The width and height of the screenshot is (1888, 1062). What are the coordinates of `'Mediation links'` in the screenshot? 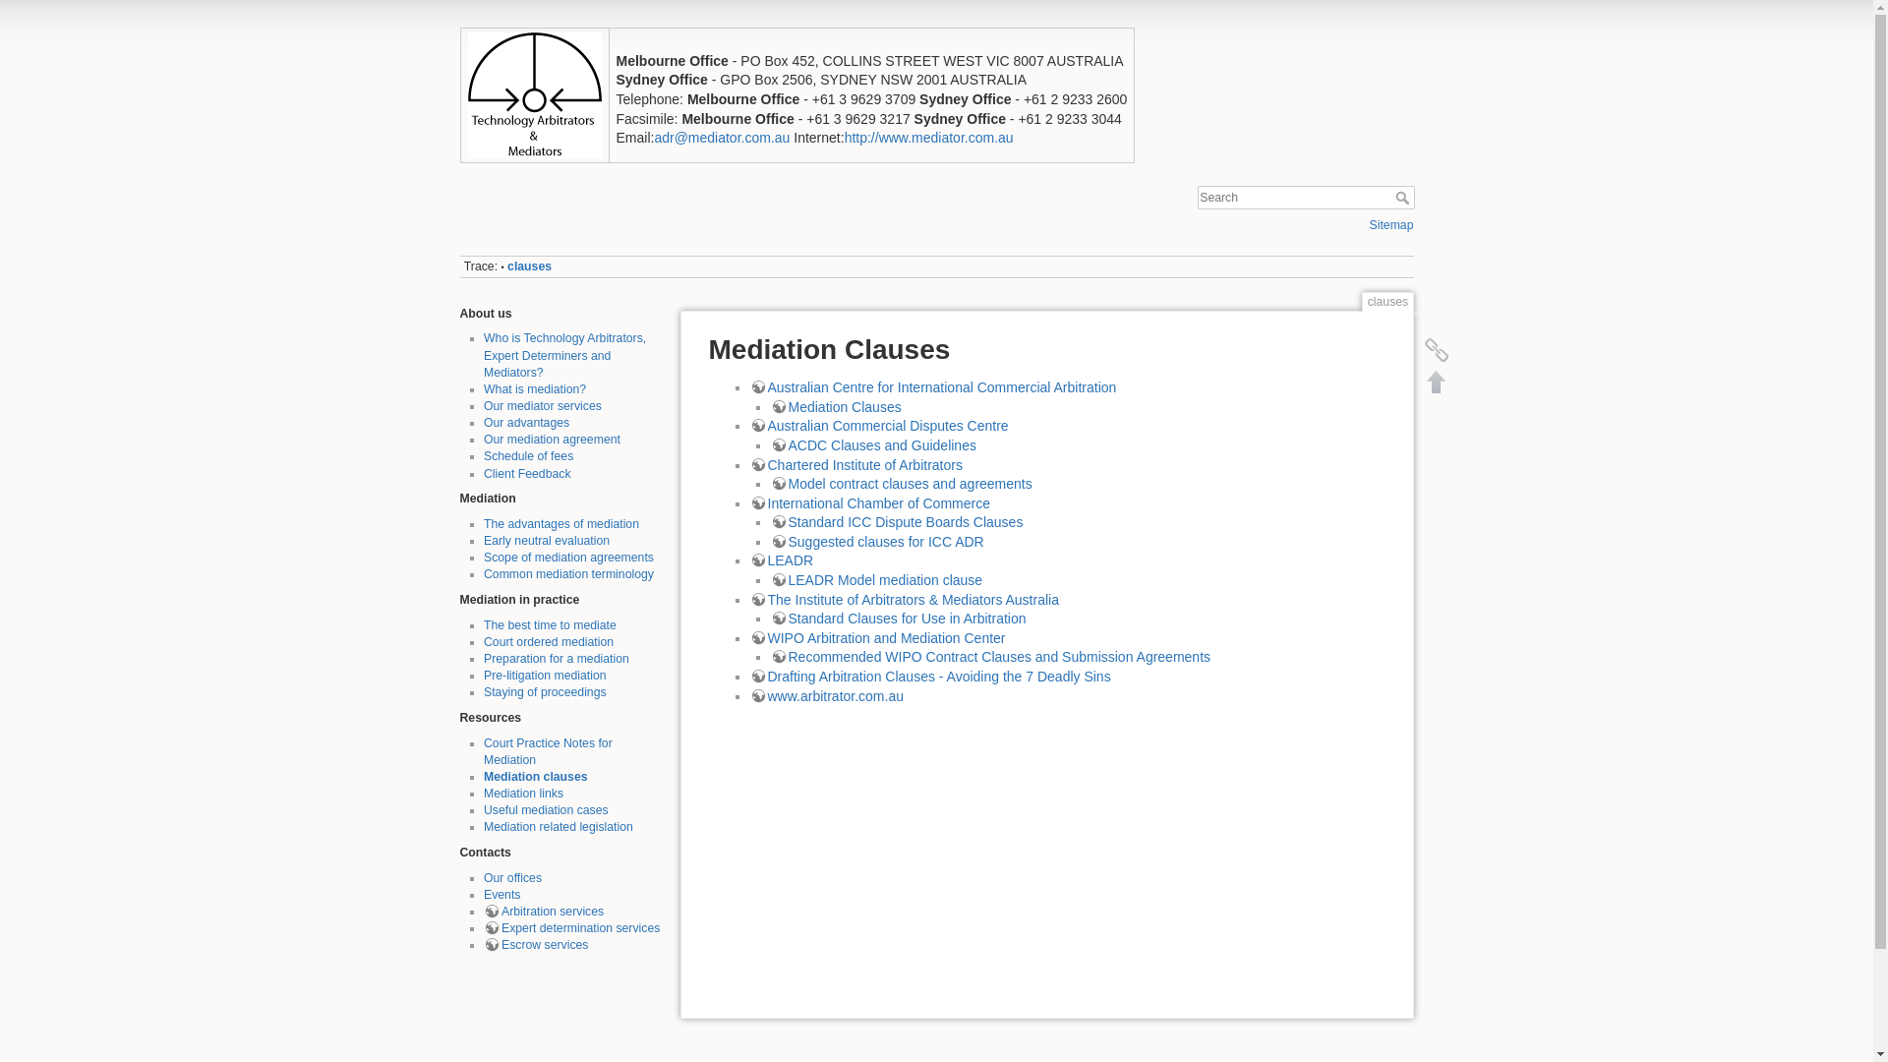 It's located at (483, 792).